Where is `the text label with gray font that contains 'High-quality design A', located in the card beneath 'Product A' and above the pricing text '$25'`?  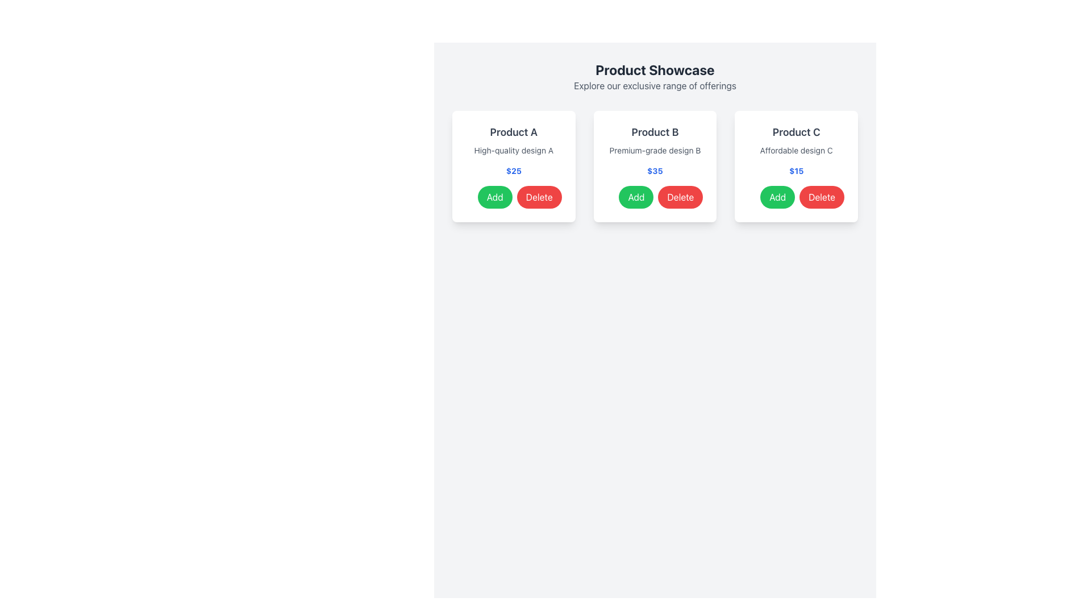 the text label with gray font that contains 'High-quality design A', located in the card beneath 'Product A' and above the pricing text '$25' is located at coordinates (513, 150).